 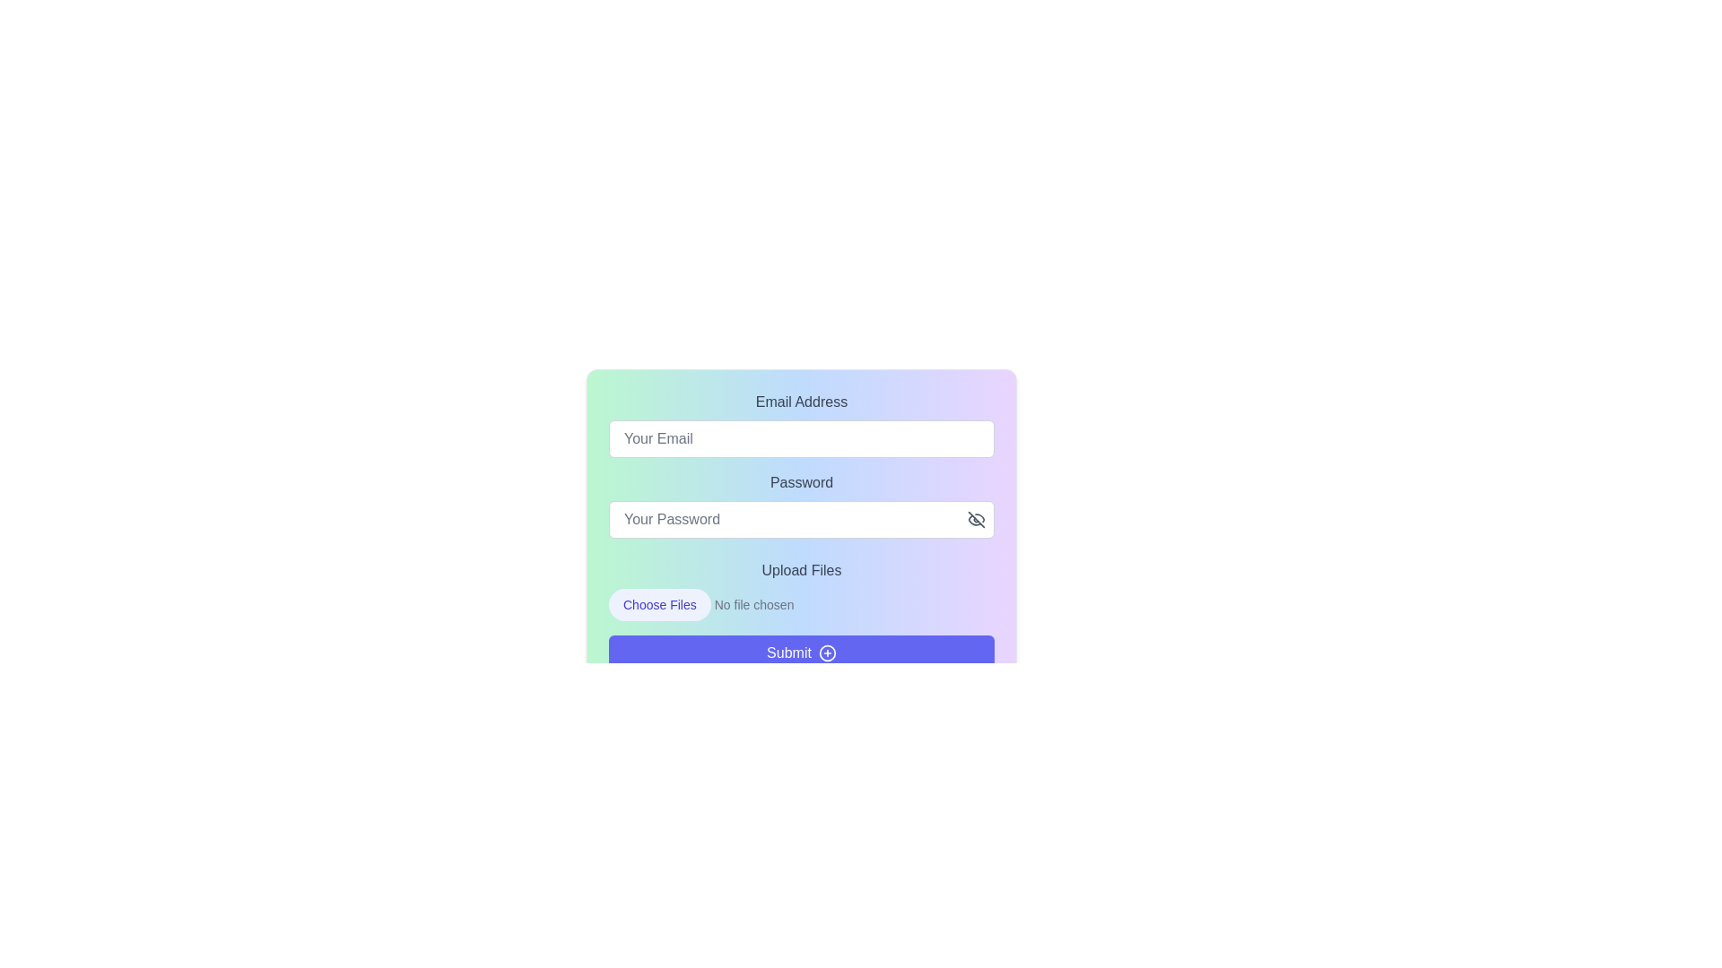 What do you see at coordinates (800, 401) in the screenshot?
I see `the text label that serves as a context for the email input field, located directly above the 'Your Email' text input` at bounding box center [800, 401].